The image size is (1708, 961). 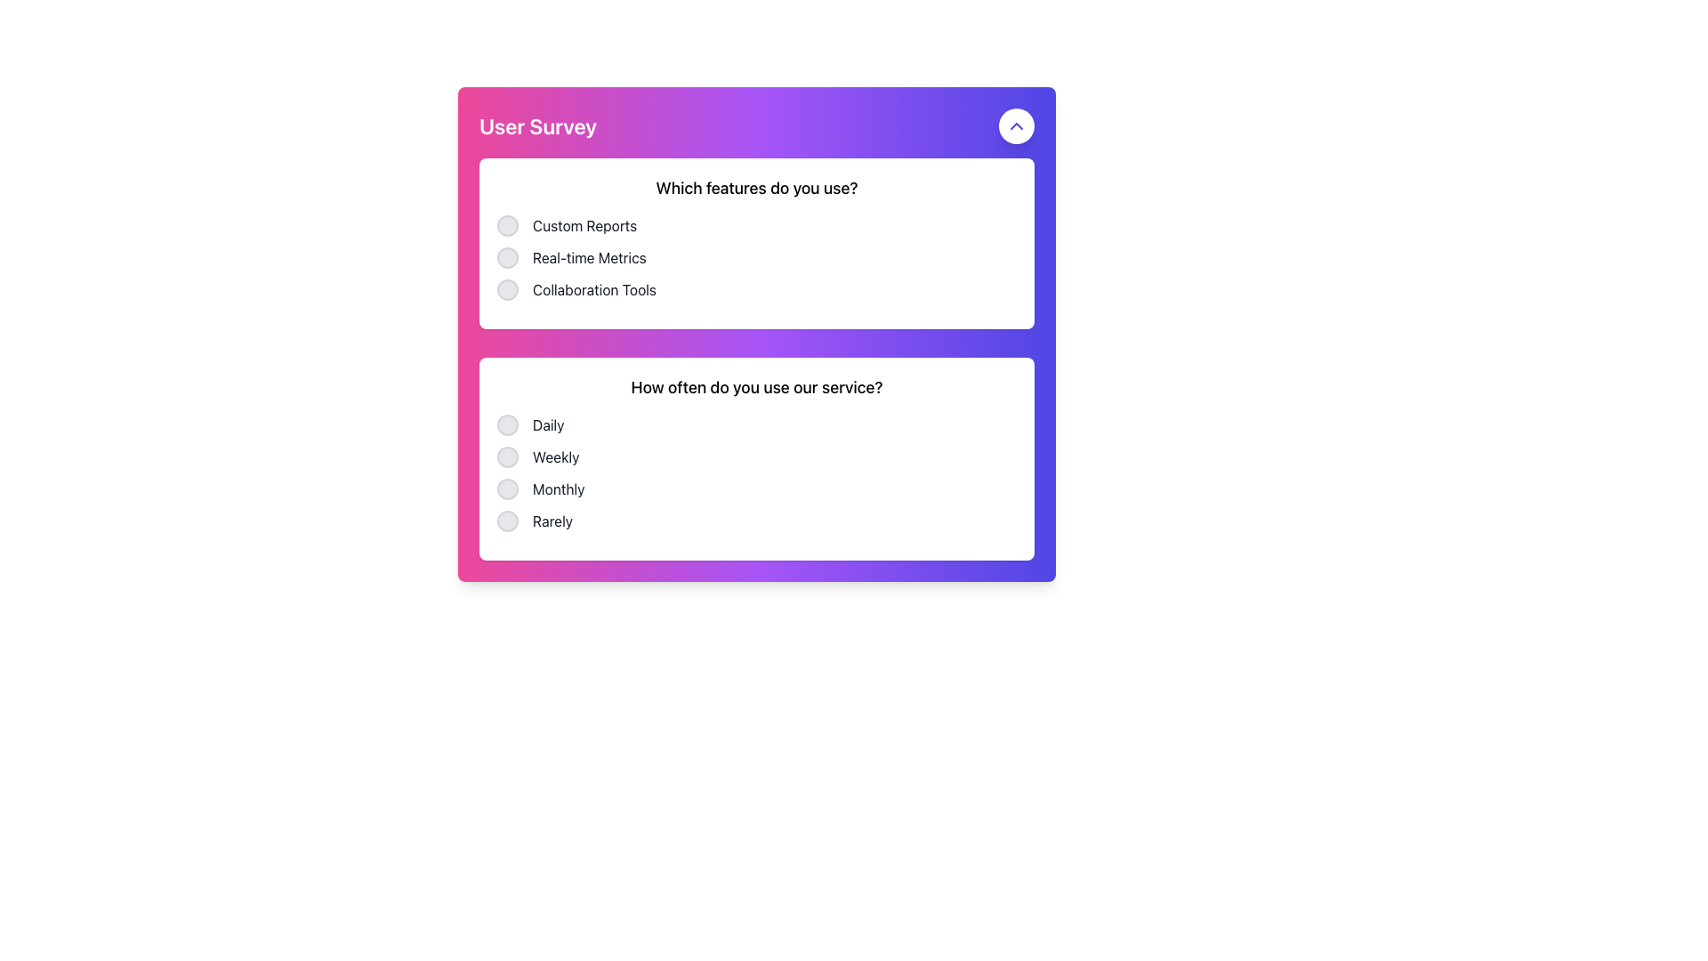 I want to click on the 'Real-time Metrics' text label styled in dark gray, located in the 'Which features do you use?' section, adjacent to a circular selection indicator, so click(x=589, y=257).